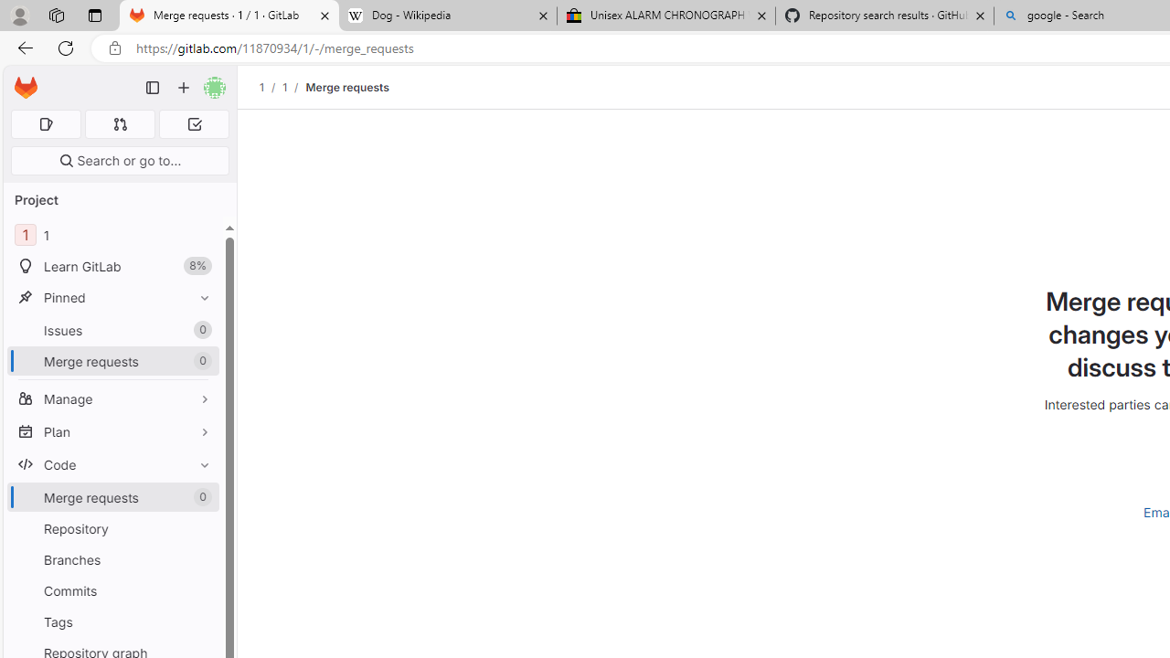 This screenshot has height=658, width=1170. What do you see at coordinates (194, 123) in the screenshot?
I see `'To-Do list 0'` at bounding box center [194, 123].